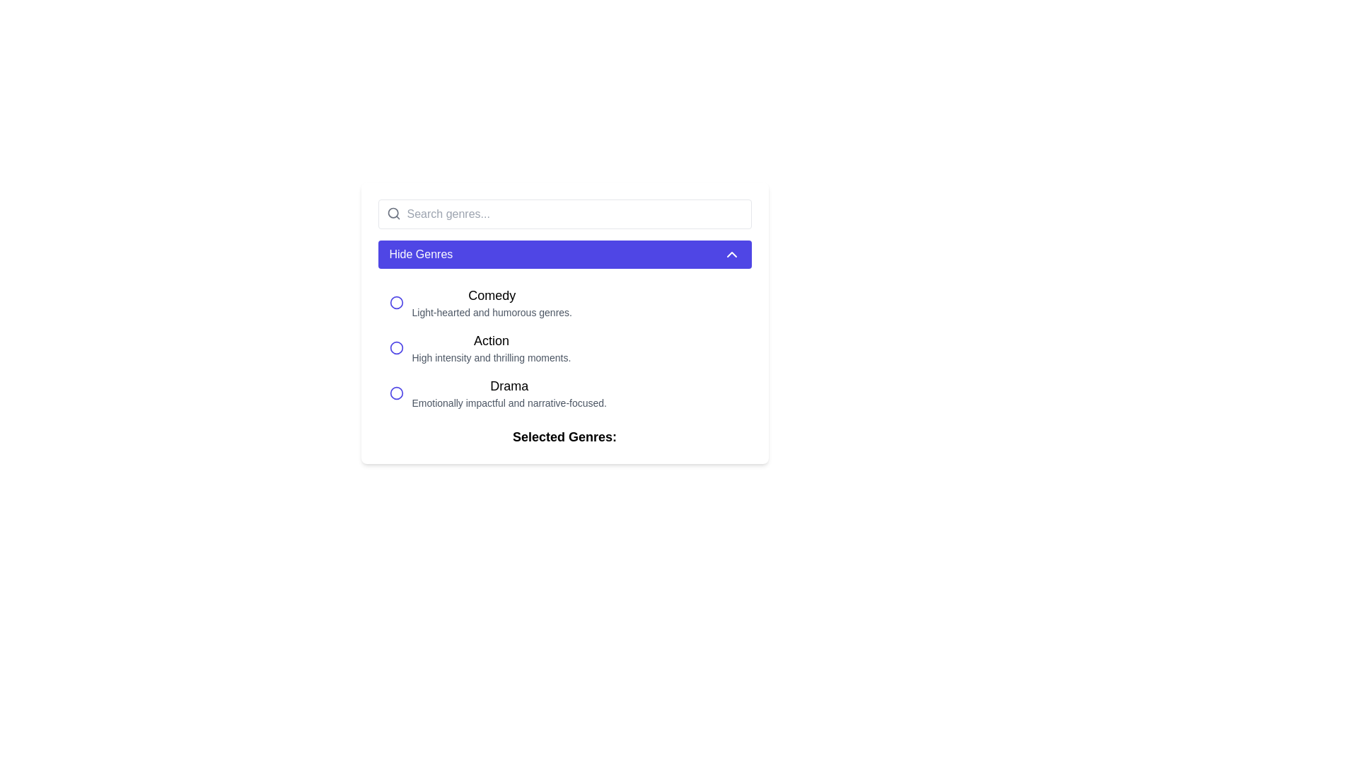 The image size is (1358, 764). I want to click on the Decorative SVG circle that forms the lens of the magnifying glass icon located near the top left part of the interface, so click(393, 213).